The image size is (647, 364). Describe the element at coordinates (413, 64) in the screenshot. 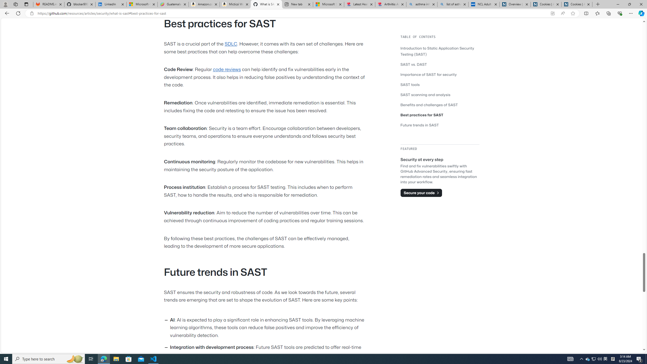

I see `'SAST vs. DAST'` at that location.